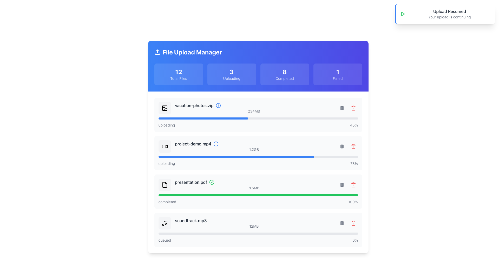 This screenshot has width=499, height=280. Describe the element at coordinates (342, 108) in the screenshot. I see `the pause Icon button located to the right of the progress bar for the file entry labeled 'project-demo.mp4'` at that location.